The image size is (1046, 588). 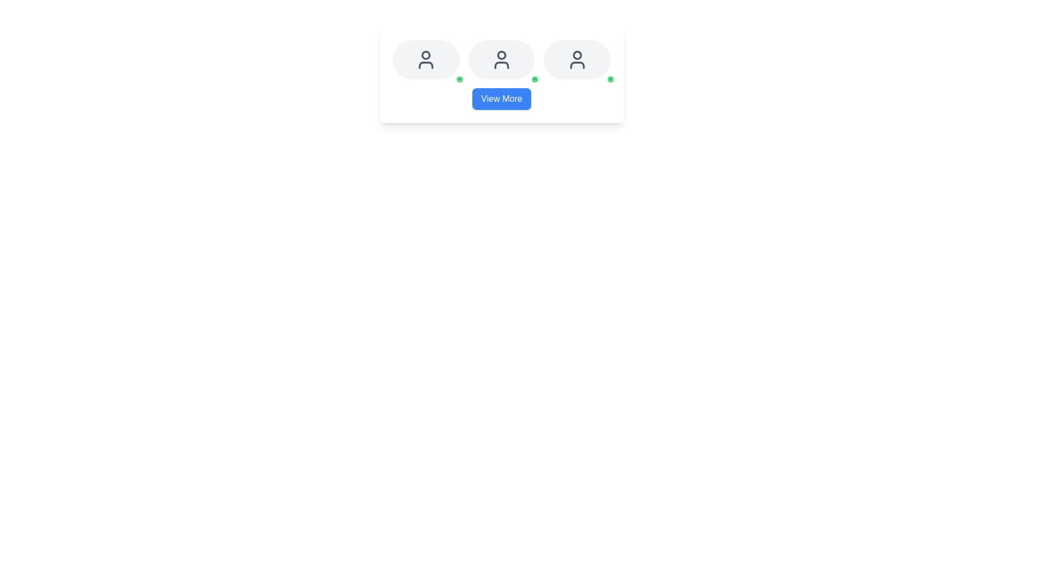 What do you see at coordinates (576, 55) in the screenshot?
I see `the circular graphical indicator representing a user status within the user avatar SVG icon, located at the top-center of the icon` at bounding box center [576, 55].